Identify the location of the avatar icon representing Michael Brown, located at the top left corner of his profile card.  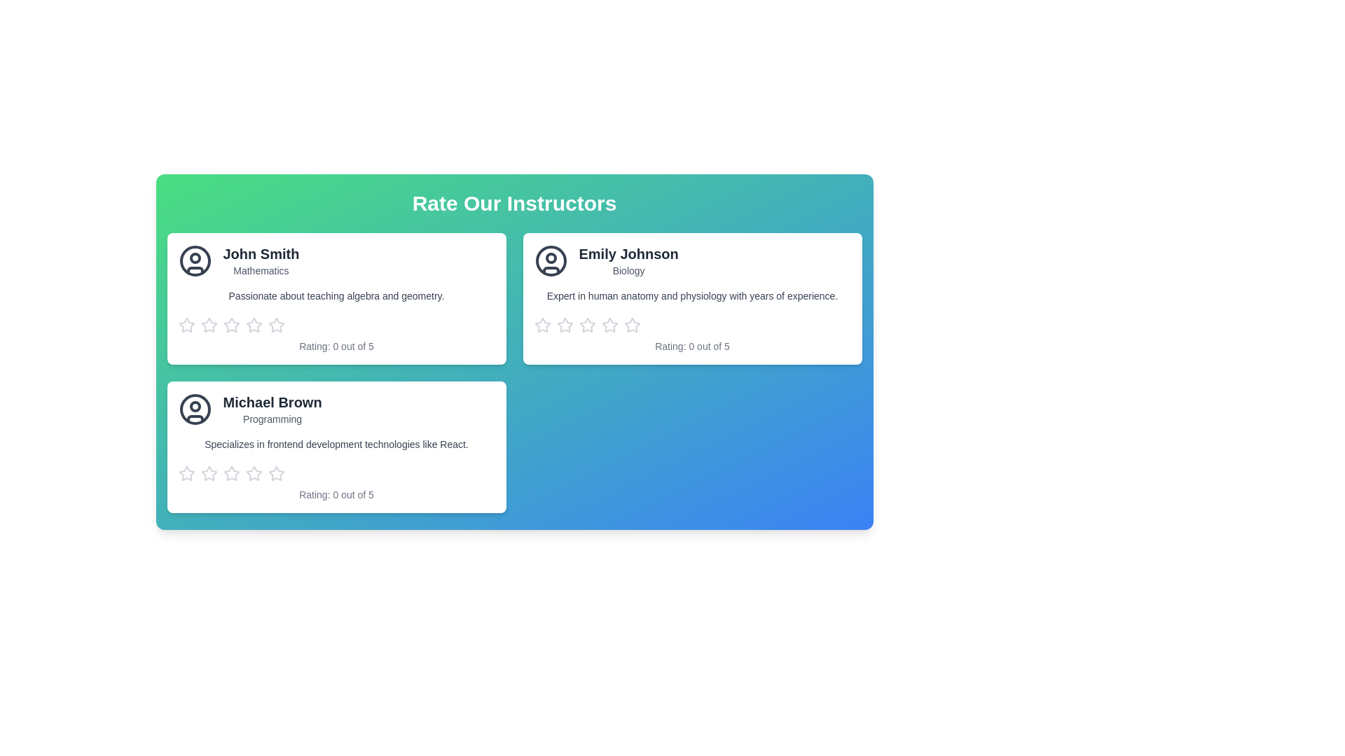
(194, 409).